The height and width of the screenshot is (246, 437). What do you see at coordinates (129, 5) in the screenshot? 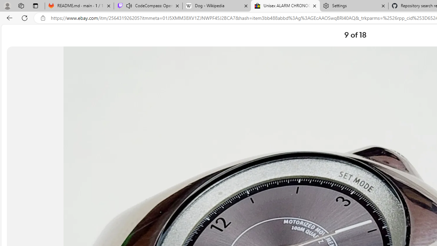
I see `'Mute tab'` at bounding box center [129, 5].